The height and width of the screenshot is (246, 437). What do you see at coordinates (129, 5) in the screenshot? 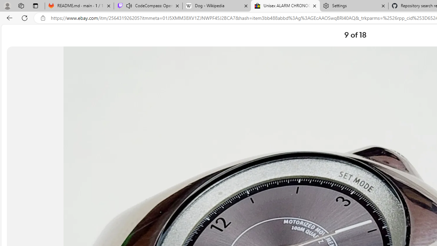
I see `'Mute tab'` at bounding box center [129, 5].